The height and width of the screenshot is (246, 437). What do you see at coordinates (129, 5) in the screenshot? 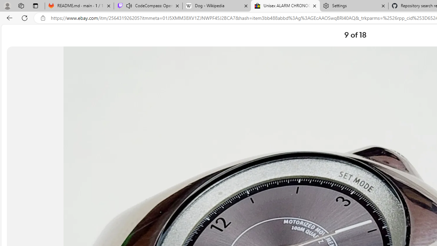
I see `'Mute tab'` at bounding box center [129, 5].